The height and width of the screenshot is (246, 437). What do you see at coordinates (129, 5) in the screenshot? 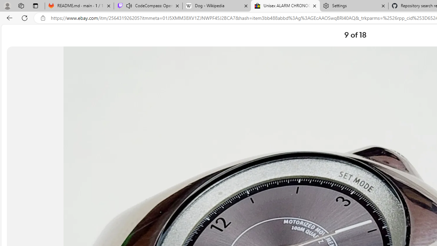
I see `'Mute tab'` at bounding box center [129, 5].